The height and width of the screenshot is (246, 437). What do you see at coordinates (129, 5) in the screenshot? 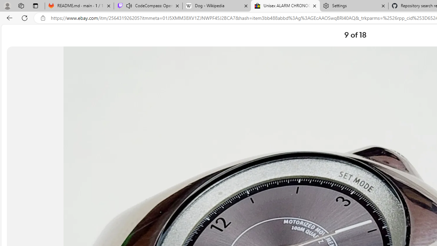
I see `'Mute tab'` at bounding box center [129, 5].